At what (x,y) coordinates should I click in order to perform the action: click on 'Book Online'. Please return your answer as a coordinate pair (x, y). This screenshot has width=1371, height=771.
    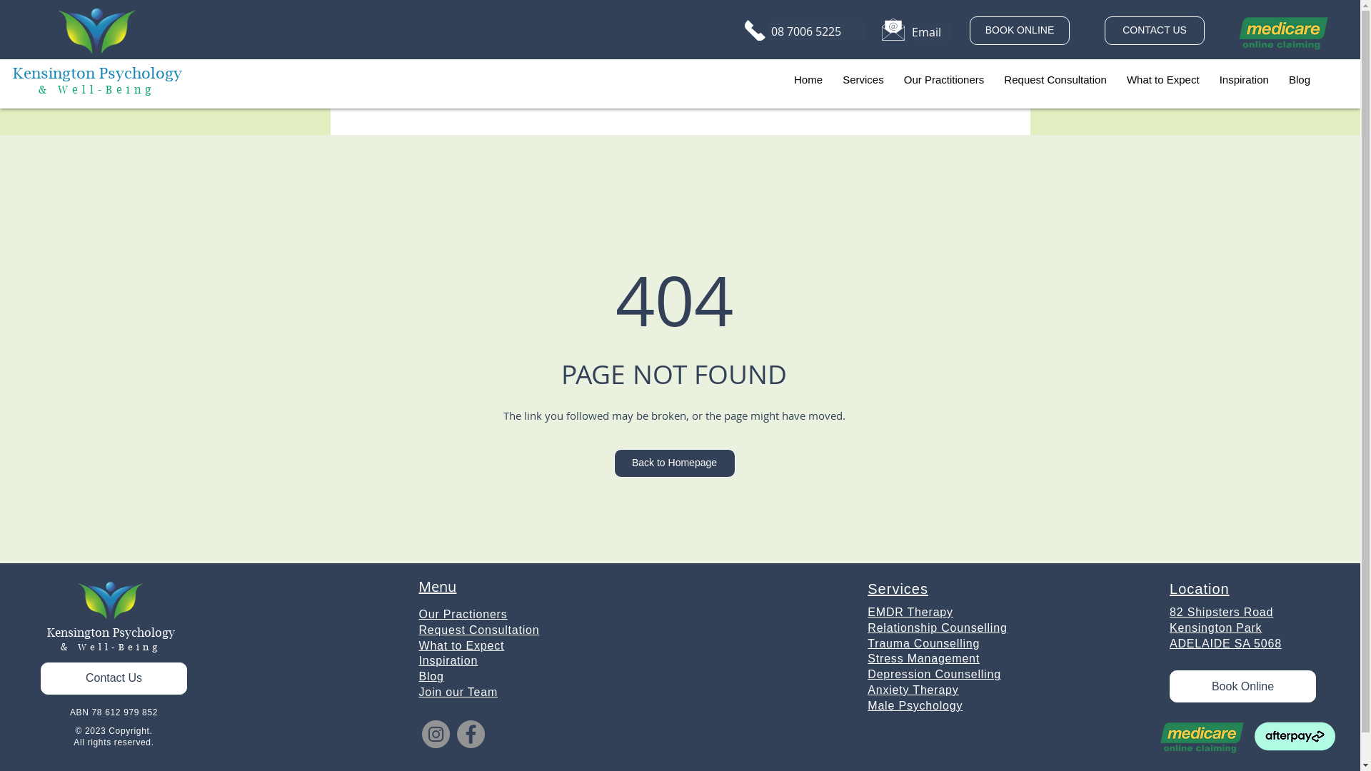
    Looking at the image, I should click on (1169, 685).